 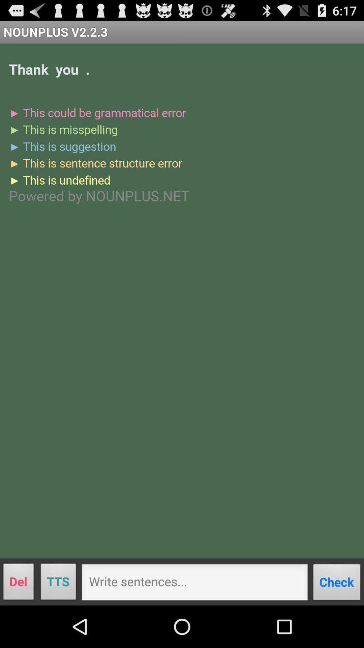 I want to click on press here to write, so click(x=194, y=584).